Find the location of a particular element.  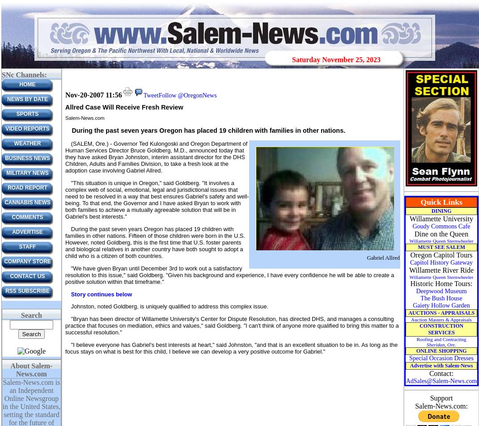

'"We have given Bryan until December 3rd to work out a satisfactory resolution to this issue," said Goldberg. "Given his background and experience, I have every confidence he will be able to create a positive solution within that timeframe."' is located at coordinates (229, 274).